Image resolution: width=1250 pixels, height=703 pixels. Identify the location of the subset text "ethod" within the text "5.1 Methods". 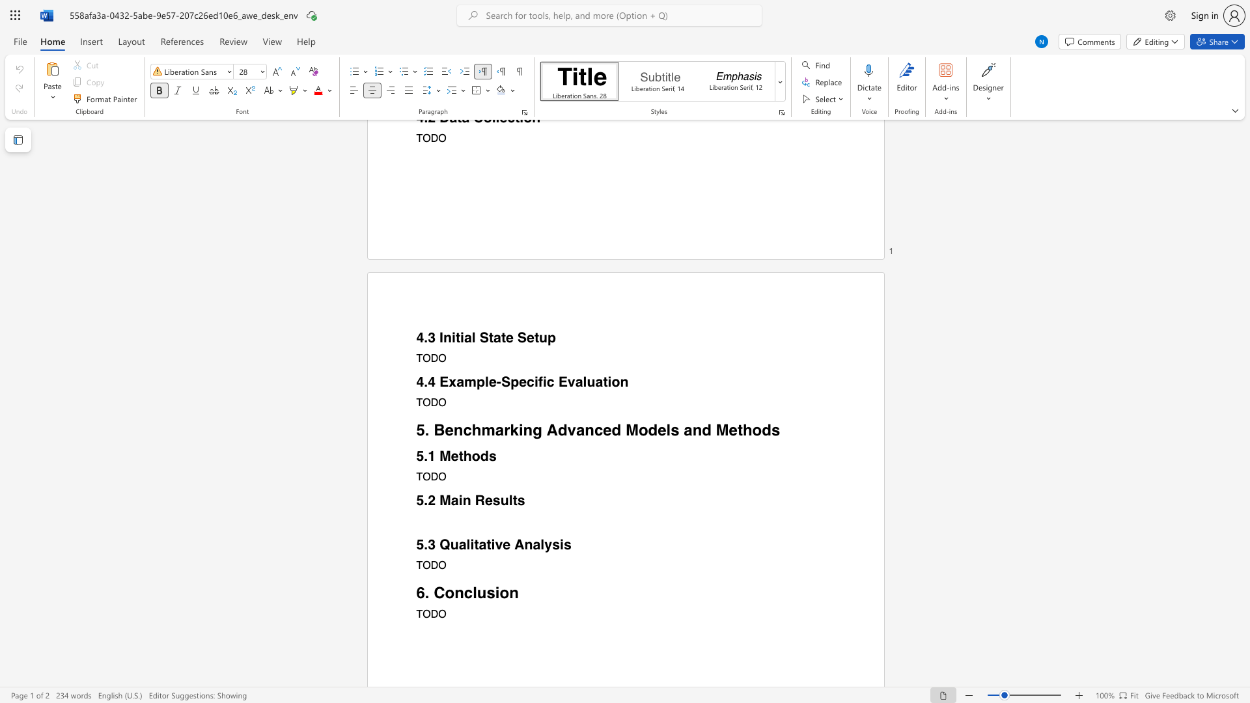
(451, 456).